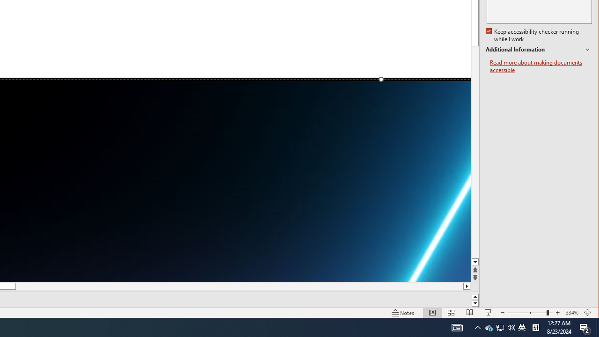 This screenshot has height=337, width=599. I want to click on 'Zoom 334%', so click(571, 313).